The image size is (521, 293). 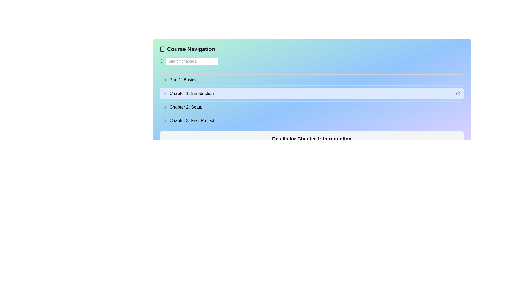 What do you see at coordinates (458, 93) in the screenshot?
I see `the small circular information icon with a blue outline located at the far right of the row titled 'Chapter 1: Introduction'` at bounding box center [458, 93].